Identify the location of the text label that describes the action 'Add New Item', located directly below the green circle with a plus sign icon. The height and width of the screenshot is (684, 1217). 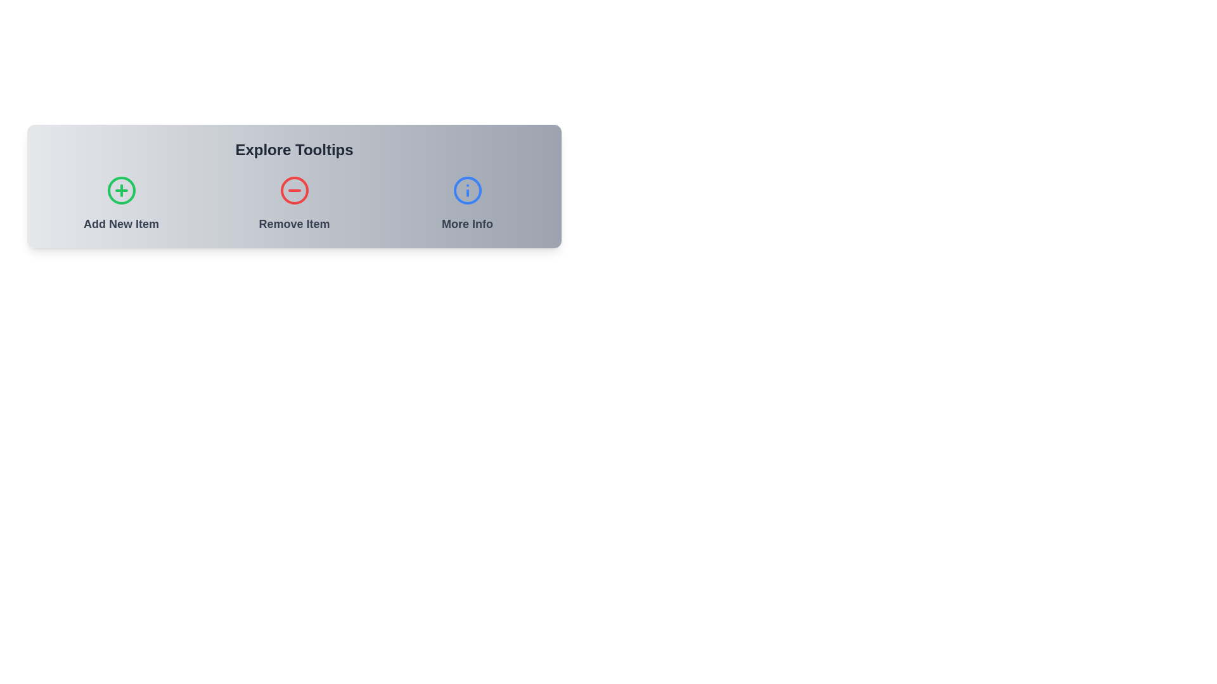
(121, 224).